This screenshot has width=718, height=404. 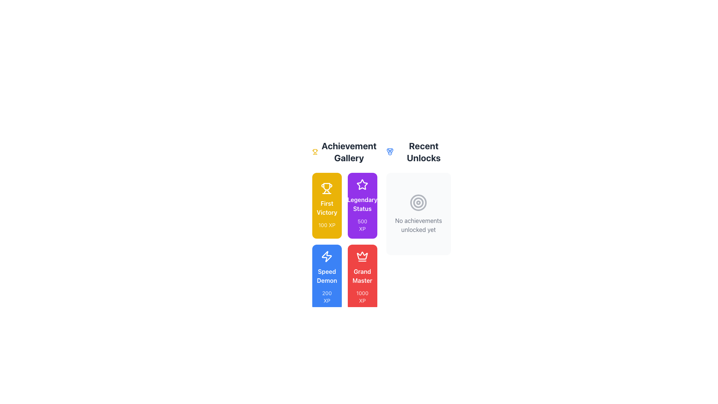 What do you see at coordinates (326, 208) in the screenshot?
I see `the 'First Victory' text label, which serves as a descriptor for the achievement in the Achievement Gallery` at bounding box center [326, 208].